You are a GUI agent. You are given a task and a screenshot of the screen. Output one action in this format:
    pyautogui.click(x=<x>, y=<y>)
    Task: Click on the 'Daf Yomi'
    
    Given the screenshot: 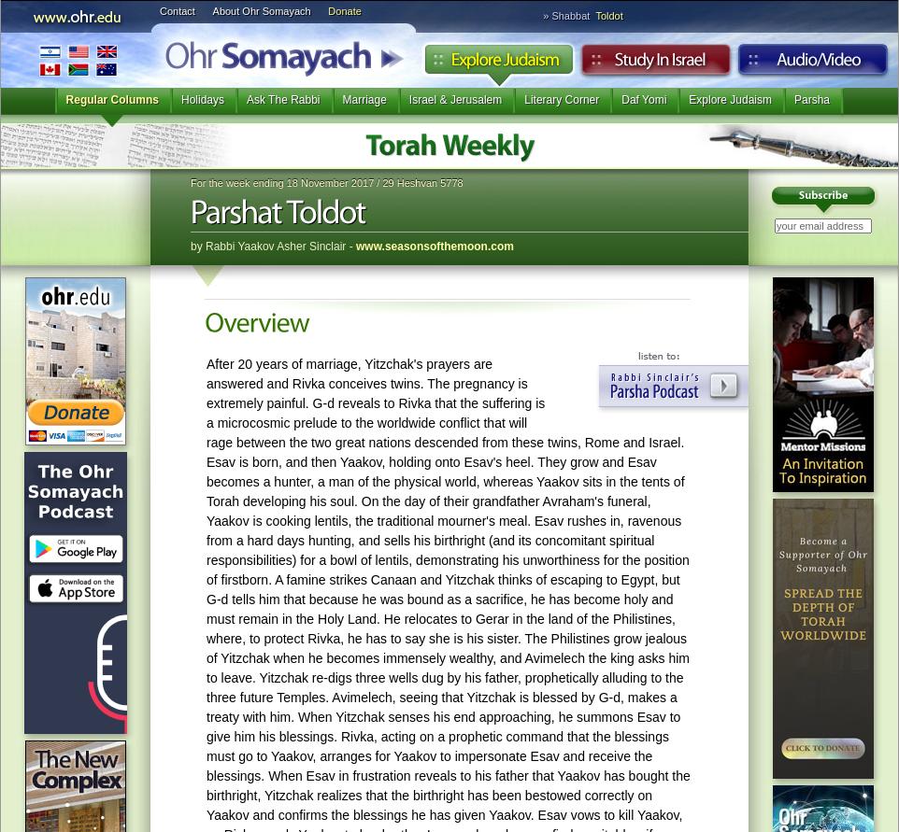 What is the action you would take?
    pyautogui.click(x=642, y=99)
    